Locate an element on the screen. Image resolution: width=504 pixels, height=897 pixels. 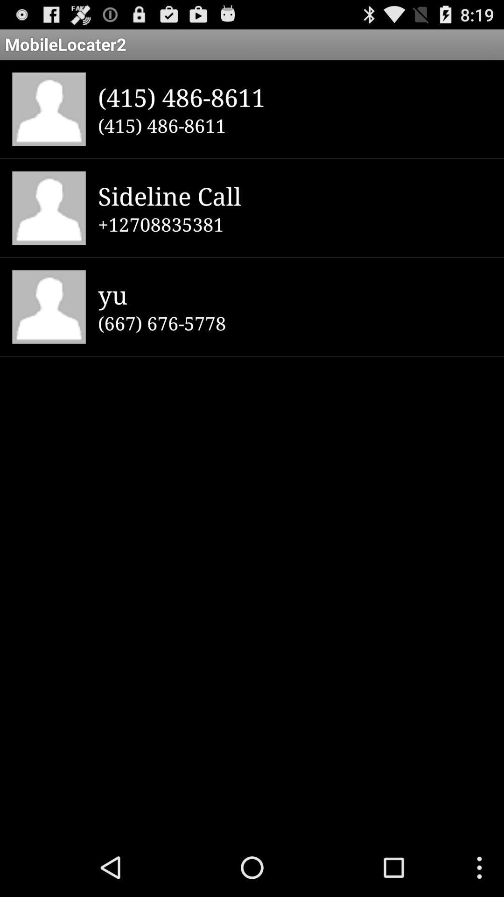
(667) 676-5778 app is located at coordinates (294, 323).